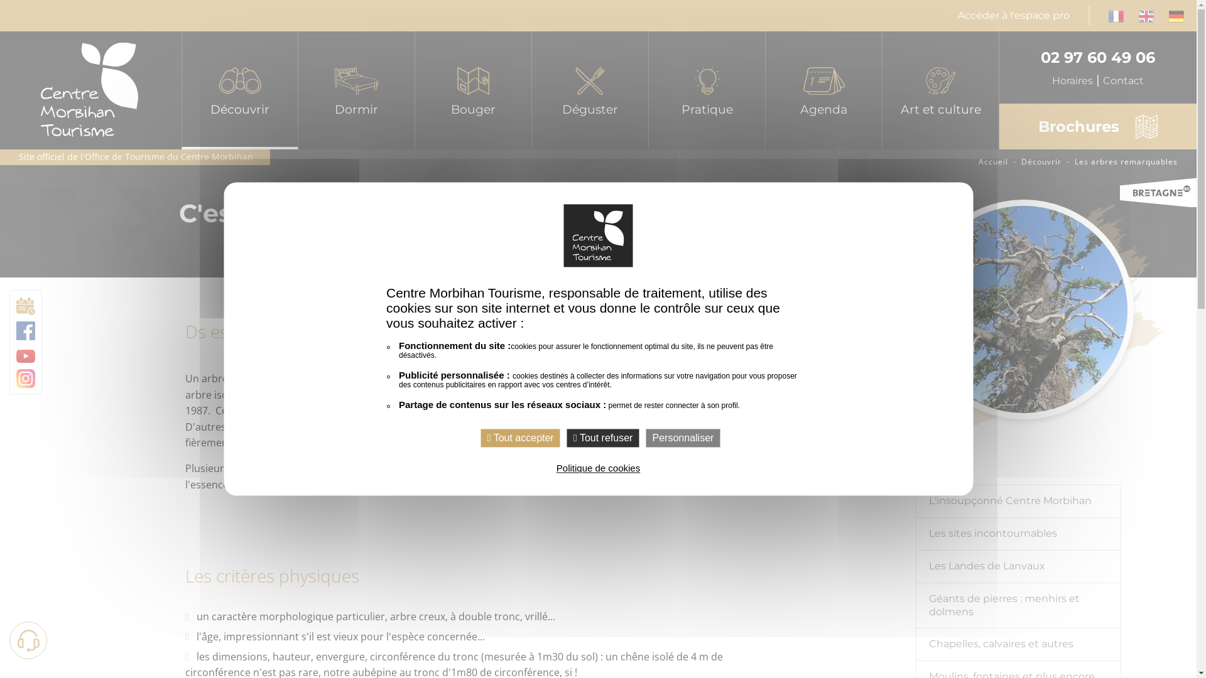 The height and width of the screenshot is (678, 1206). Describe the element at coordinates (472, 89) in the screenshot. I see `'Bouger'` at that location.